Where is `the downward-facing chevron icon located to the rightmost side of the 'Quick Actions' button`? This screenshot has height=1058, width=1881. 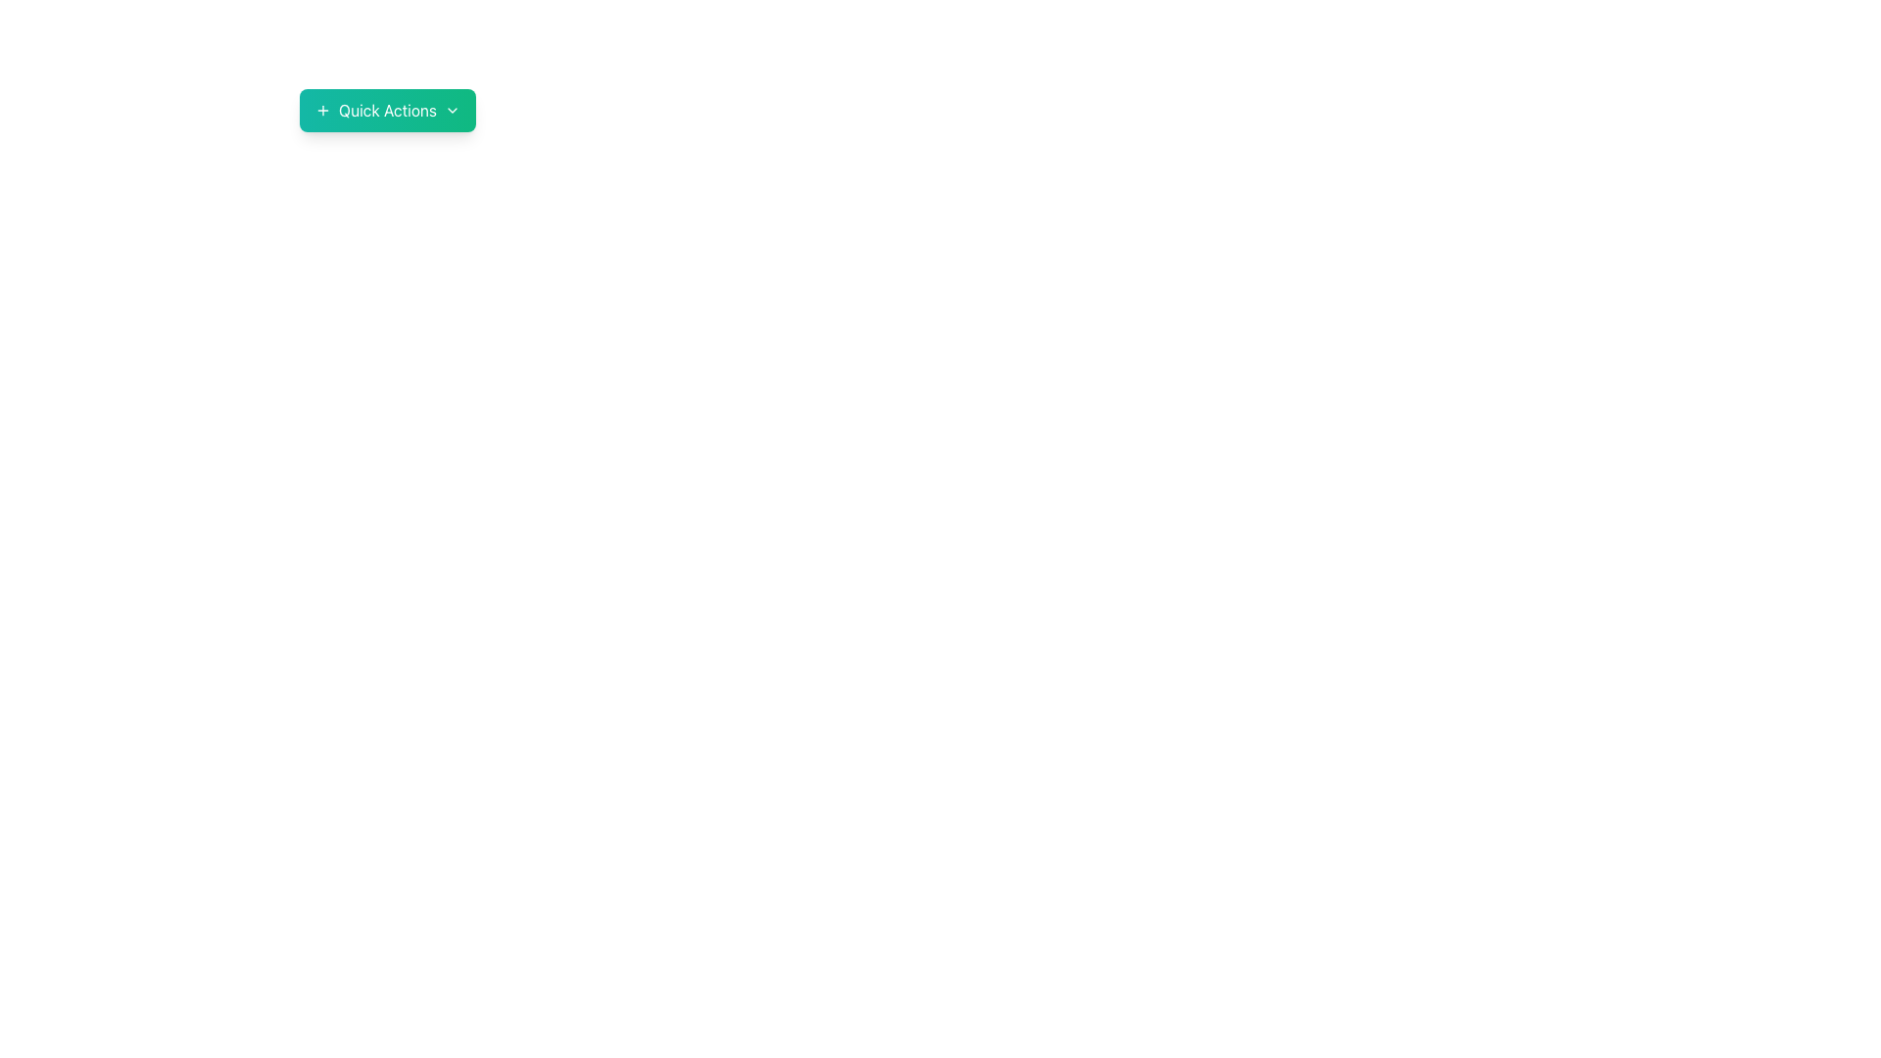 the downward-facing chevron icon located to the rightmost side of the 'Quick Actions' button is located at coordinates (452, 110).